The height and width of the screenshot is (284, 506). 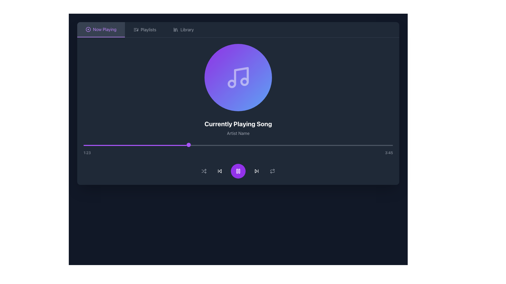 What do you see at coordinates (145, 29) in the screenshot?
I see `the navigation button that redirects to the playlists section, located between 'Now Playing' and 'Library' in the navigation bar` at bounding box center [145, 29].